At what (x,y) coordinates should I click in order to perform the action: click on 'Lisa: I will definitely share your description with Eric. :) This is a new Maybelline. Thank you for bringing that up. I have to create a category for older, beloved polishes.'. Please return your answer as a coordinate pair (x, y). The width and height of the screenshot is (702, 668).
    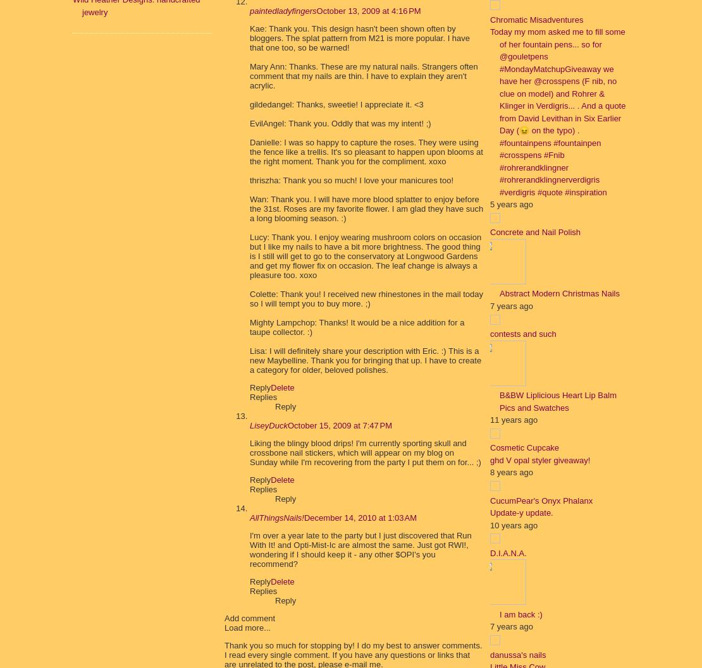
    Looking at the image, I should click on (365, 360).